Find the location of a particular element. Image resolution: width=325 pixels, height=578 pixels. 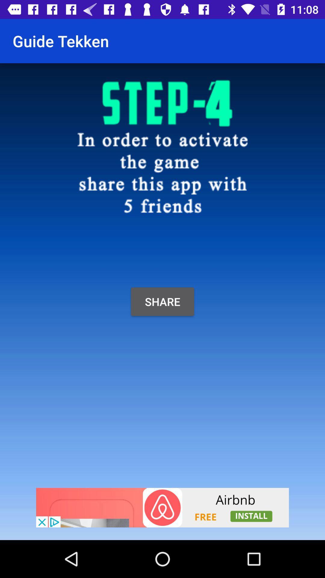

advedecment is located at coordinates (162, 507).